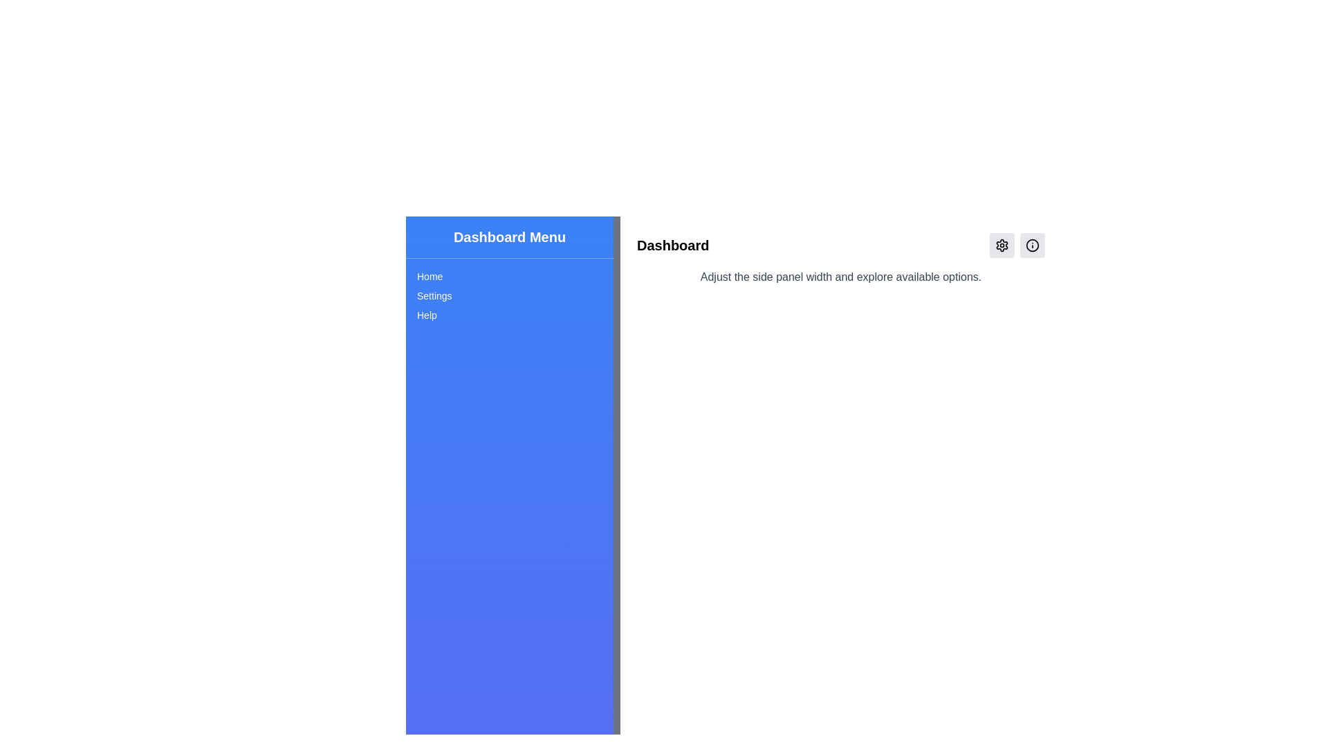 This screenshot has height=747, width=1328. I want to click on the 'Dashboard' text label located at the top center-right area of the interface, which serves as the header for the current section, so click(673, 244).